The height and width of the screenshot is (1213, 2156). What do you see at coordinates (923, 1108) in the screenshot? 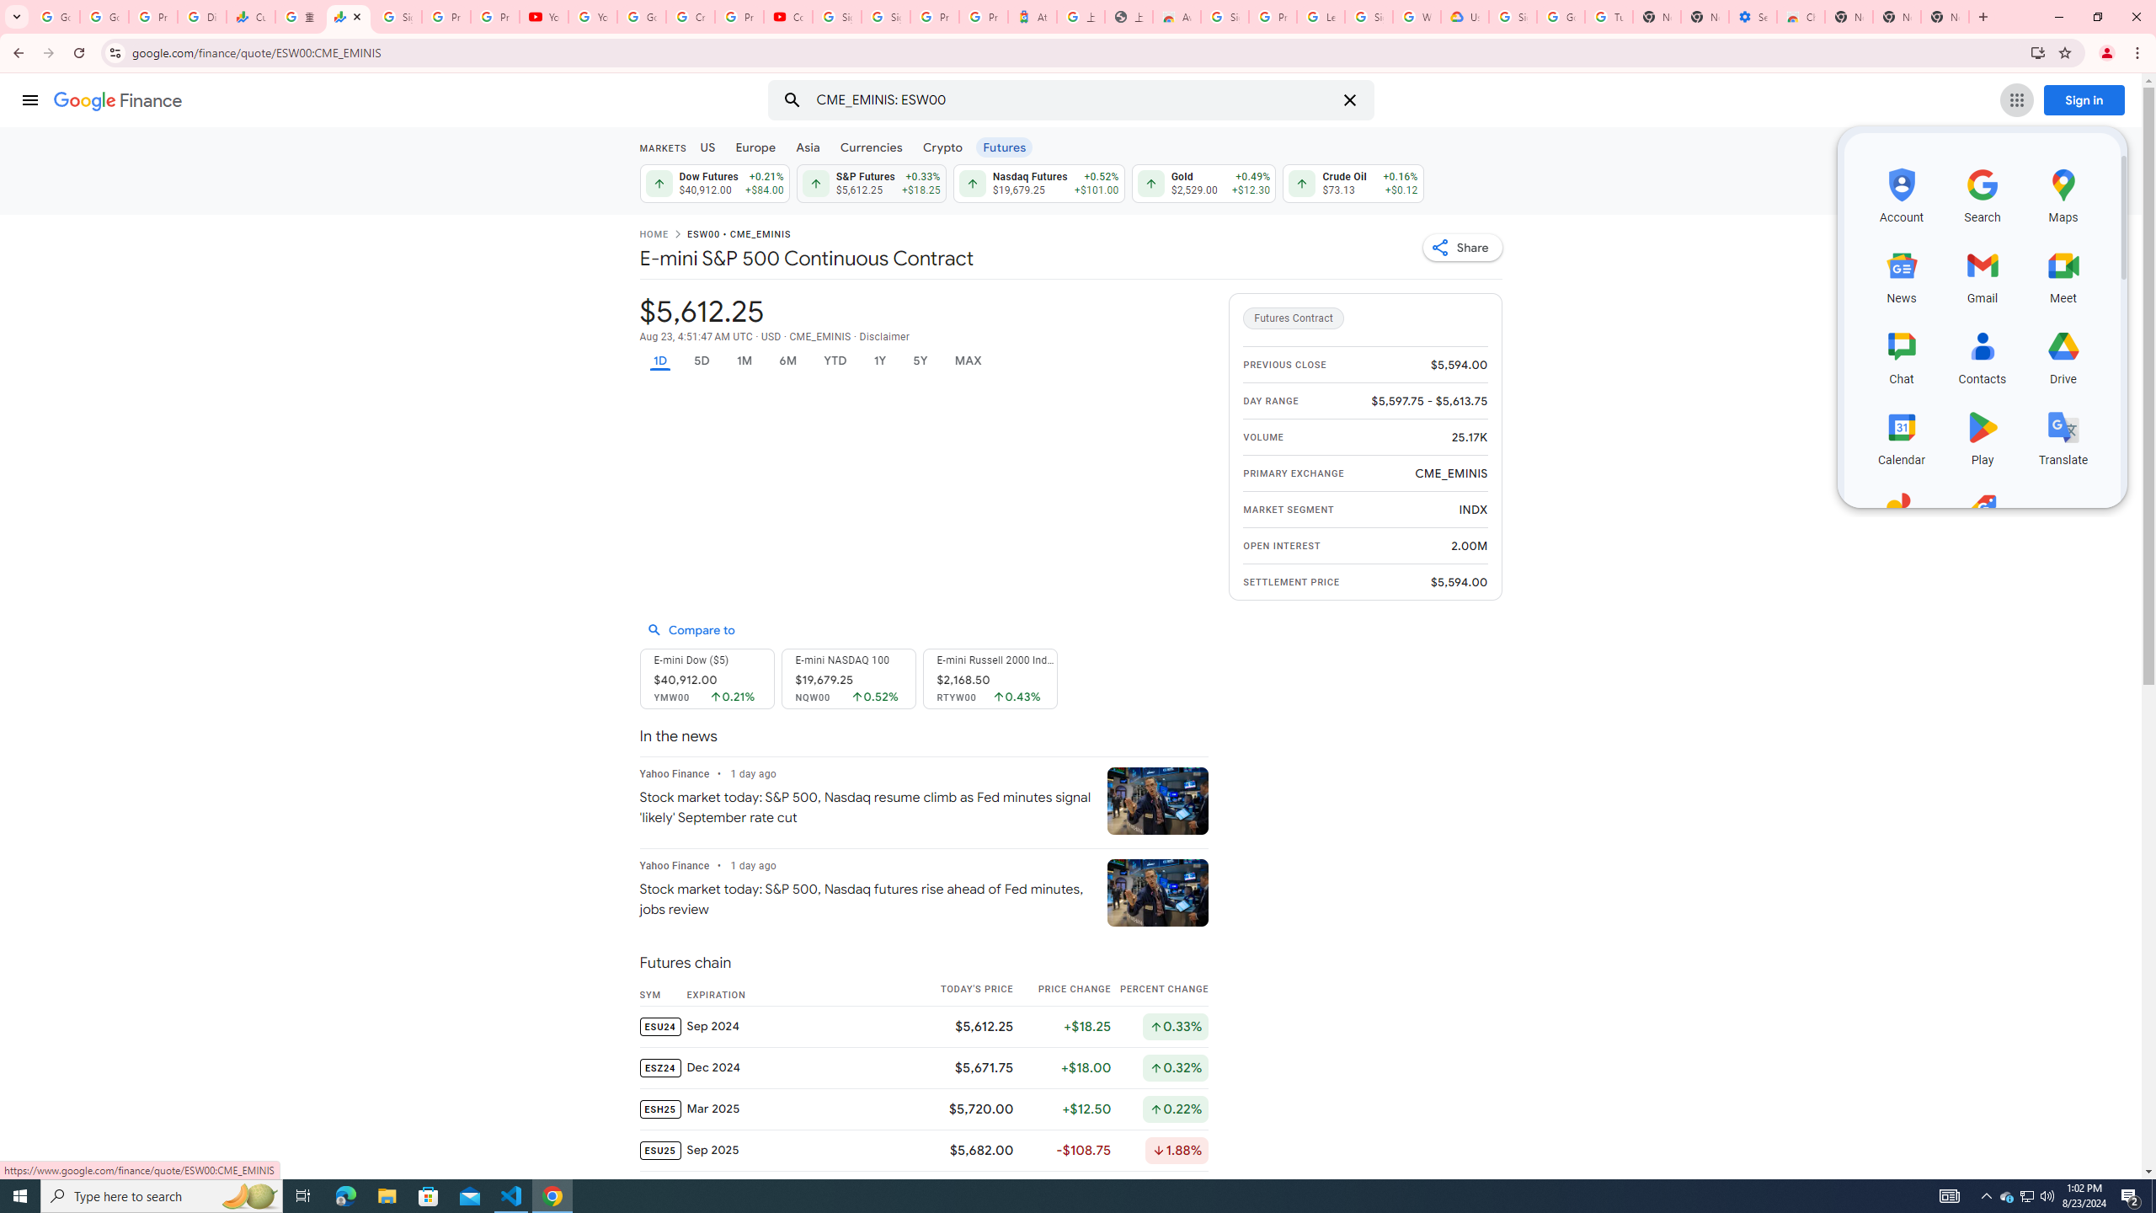
I see `'ESH25 Mar 2025 $5,720.00 +$12.50 Up by 0.22%'` at bounding box center [923, 1108].